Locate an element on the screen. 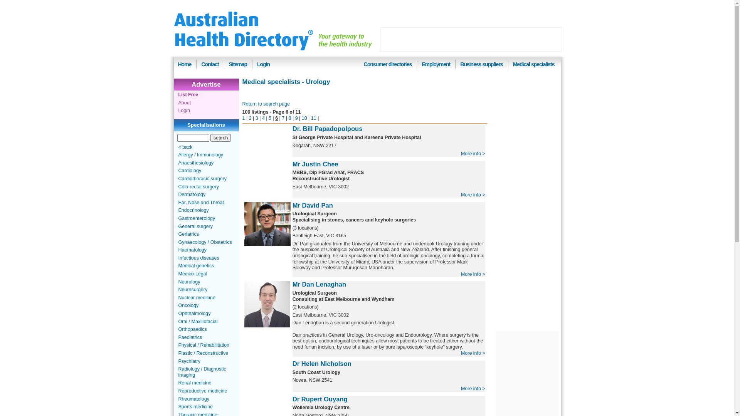  'Ophthalmology' is located at coordinates (194, 313).